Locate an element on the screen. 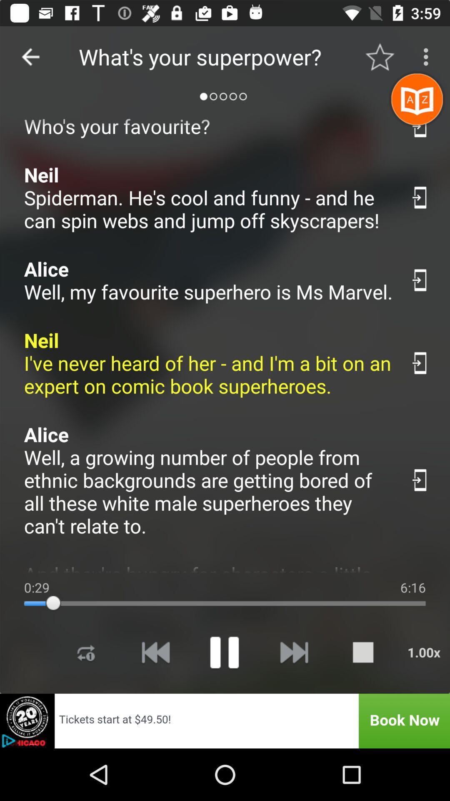 Image resolution: width=450 pixels, height=801 pixels. pause option is located at coordinates (224, 652).